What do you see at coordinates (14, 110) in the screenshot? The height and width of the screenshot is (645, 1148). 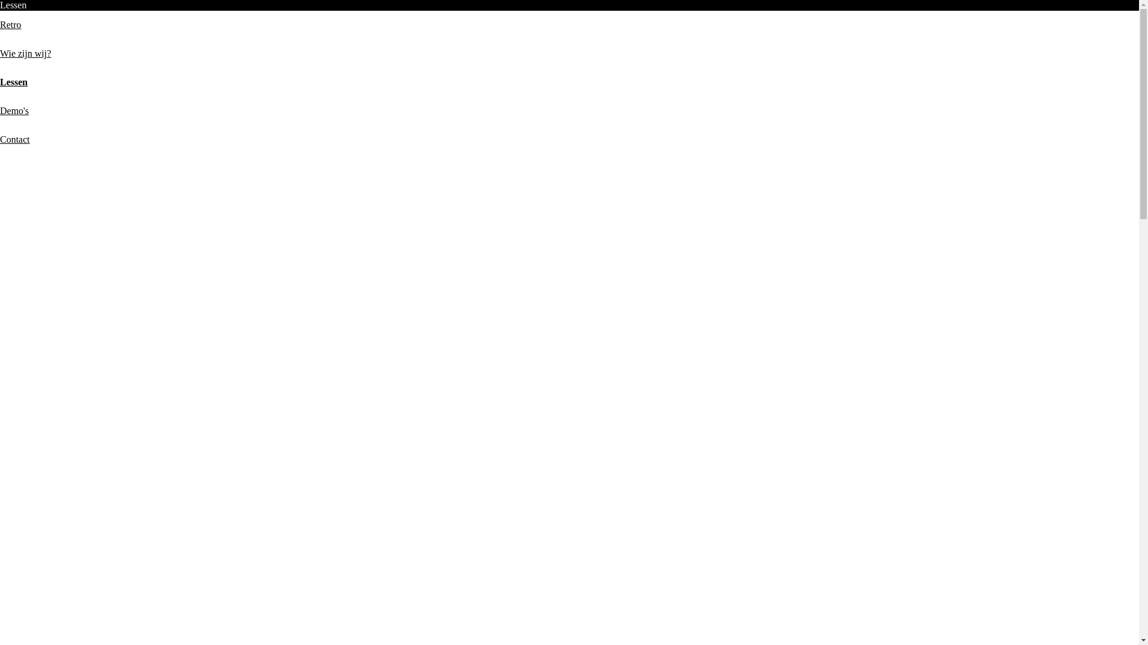 I see `'Demo's'` at bounding box center [14, 110].